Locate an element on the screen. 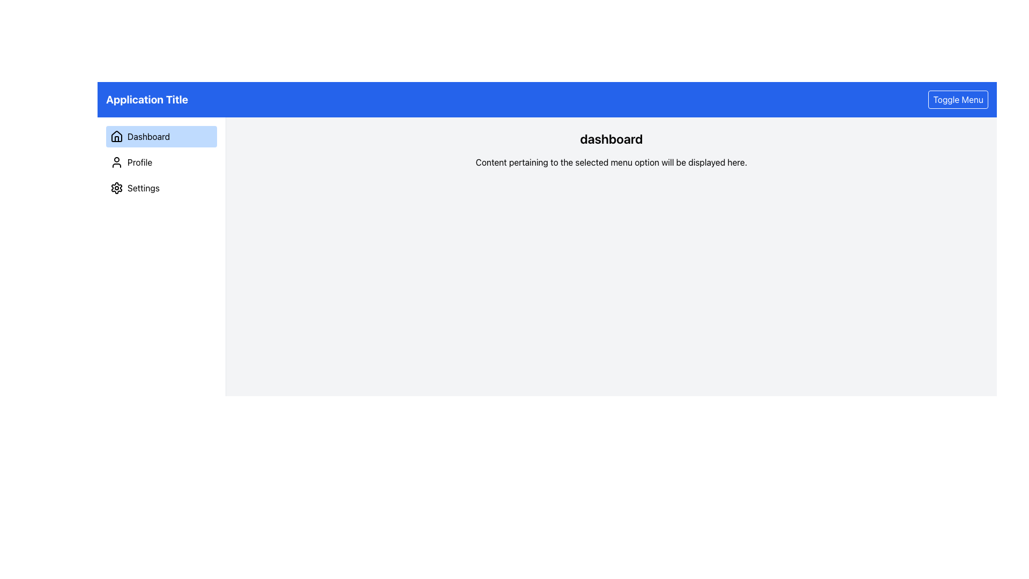 The image size is (1029, 579). the house icon located in the left-hand navigation panel, positioned above the 'Dashboard' text label is located at coordinates (116, 136).